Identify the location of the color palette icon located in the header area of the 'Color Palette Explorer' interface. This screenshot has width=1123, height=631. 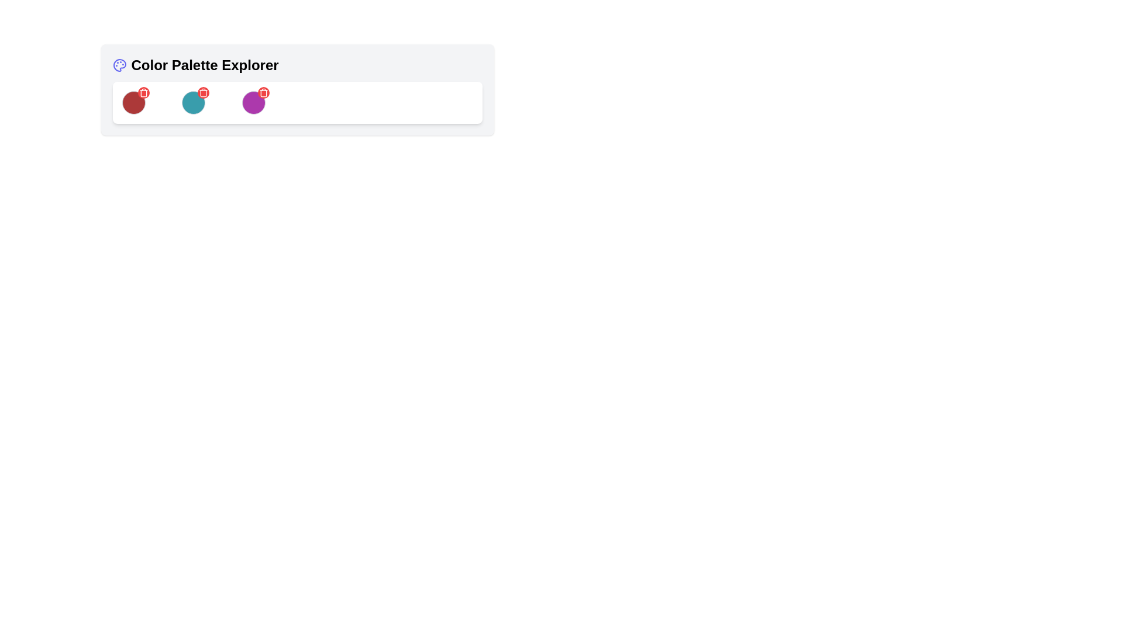
(119, 65).